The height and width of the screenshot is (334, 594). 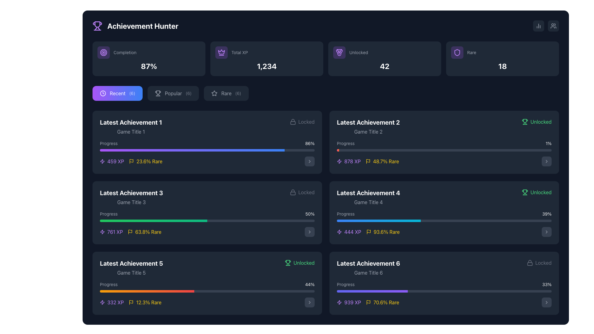 I want to click on the Static Text displaying '93.6% Rare' in yellow color, located in the 'Latest Achievement 4' section, to the right of the '444 XP' icon and text, so click(x=386, y=232).